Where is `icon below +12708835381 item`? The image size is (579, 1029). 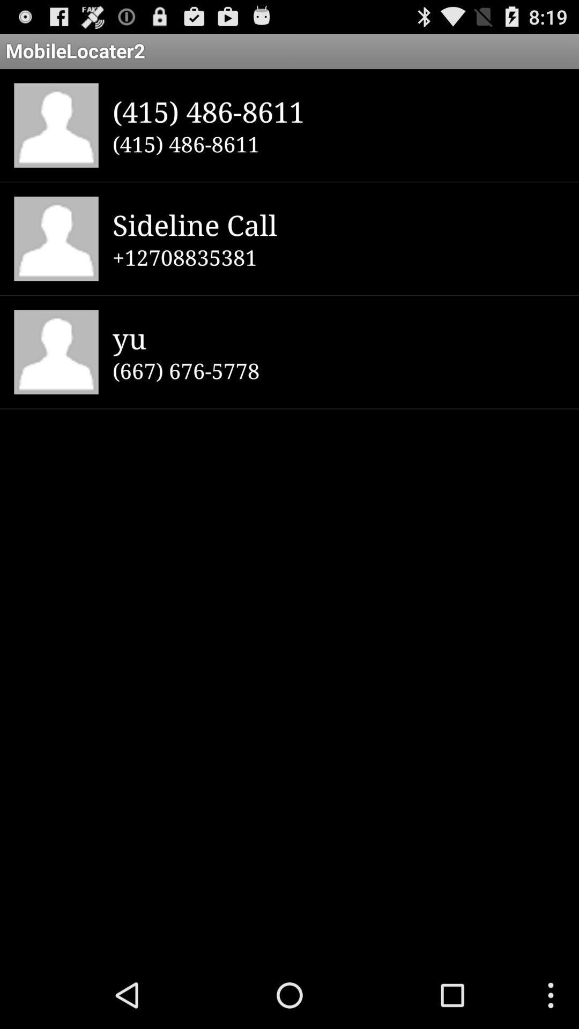 icon below +12708835381 item is located at coordinates (338, 337).